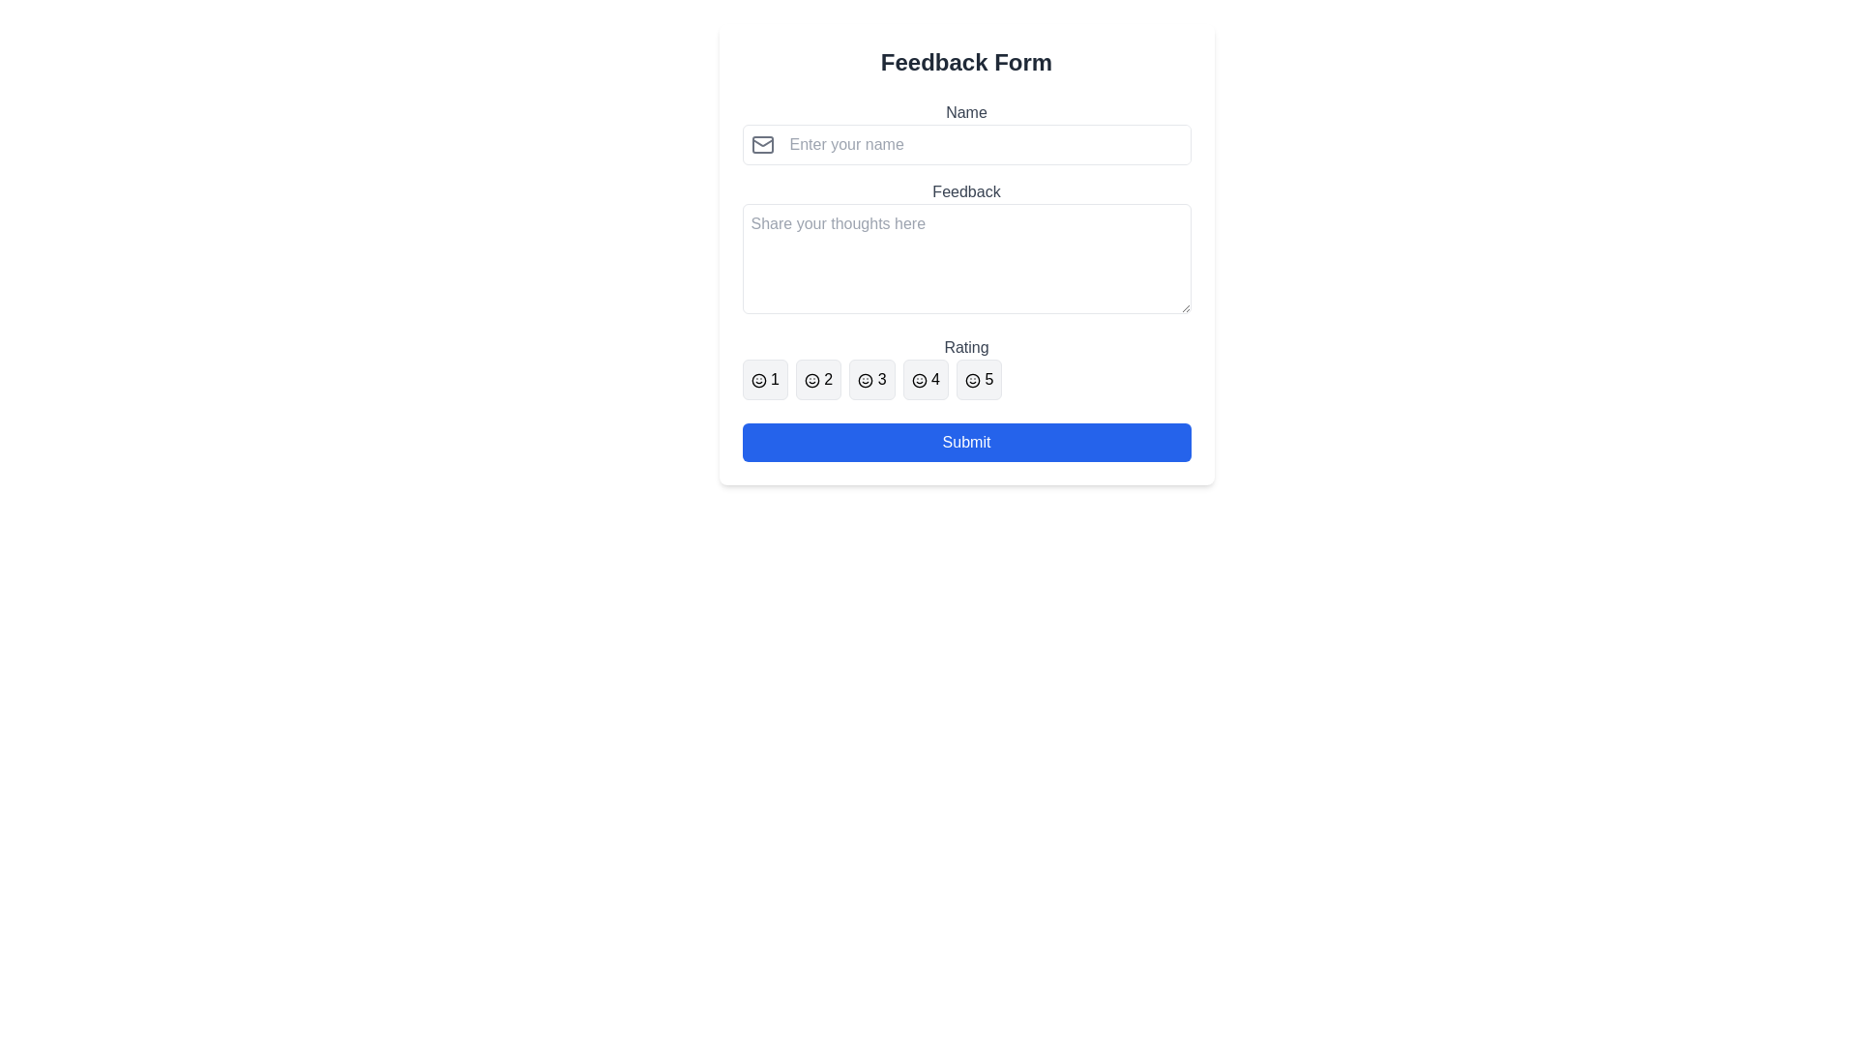 Image resolution: width=1857 pixels, height=1044 pixels. What do you see at coordinates (966, 346) in the screenshot?
I see `the text label displaying 'Rating' which is styled in gray and positioned above the rating options in the feedback form interface` at bounding box center [966, 346].